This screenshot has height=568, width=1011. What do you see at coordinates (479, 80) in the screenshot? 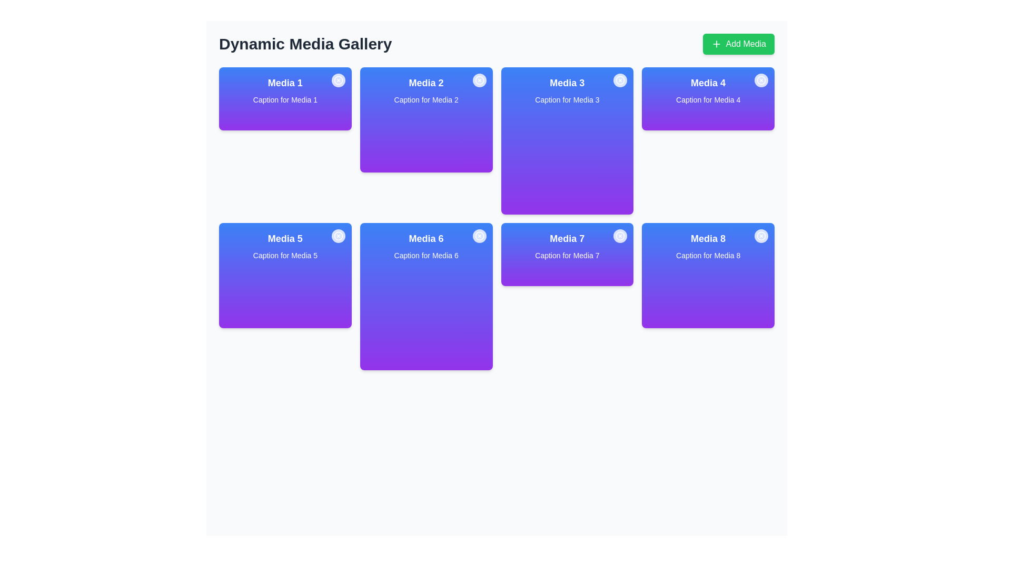
I see `the close button located at the top-right corner of the 'Media 2' card` at bounding box center [479, 80].